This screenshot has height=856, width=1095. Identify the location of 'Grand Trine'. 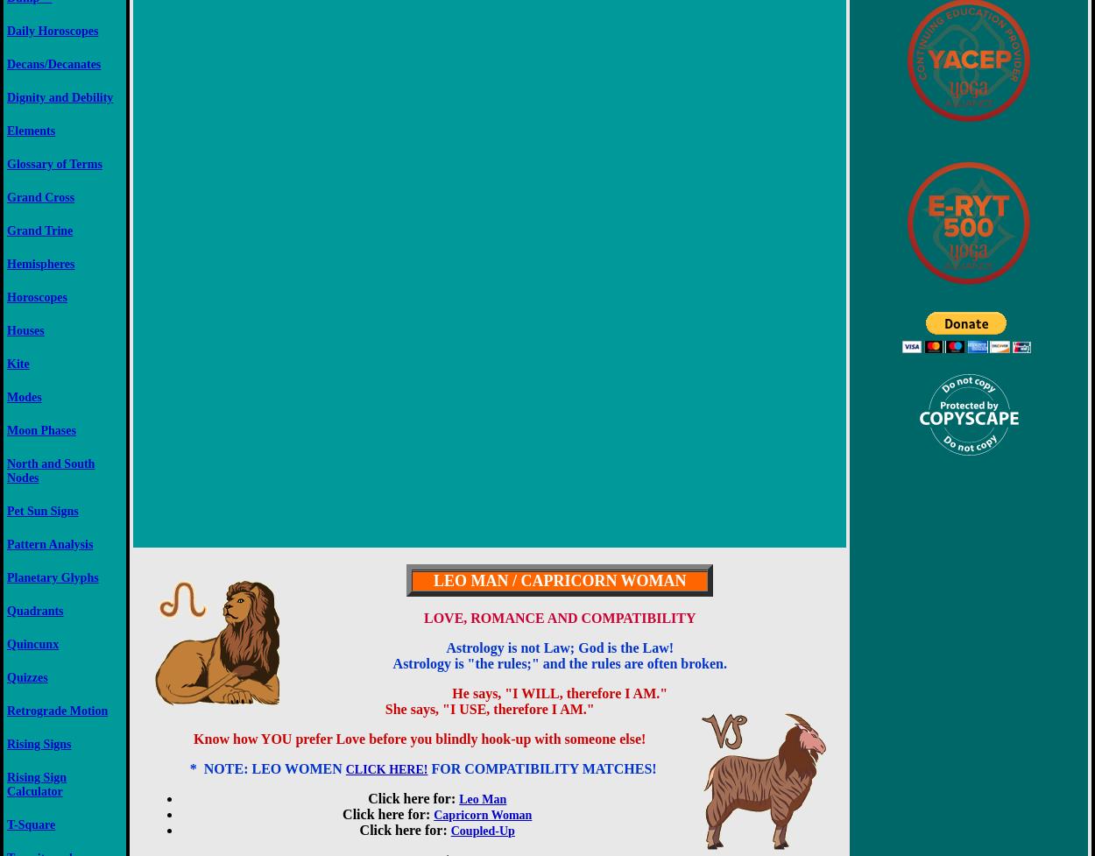
(39, 229).